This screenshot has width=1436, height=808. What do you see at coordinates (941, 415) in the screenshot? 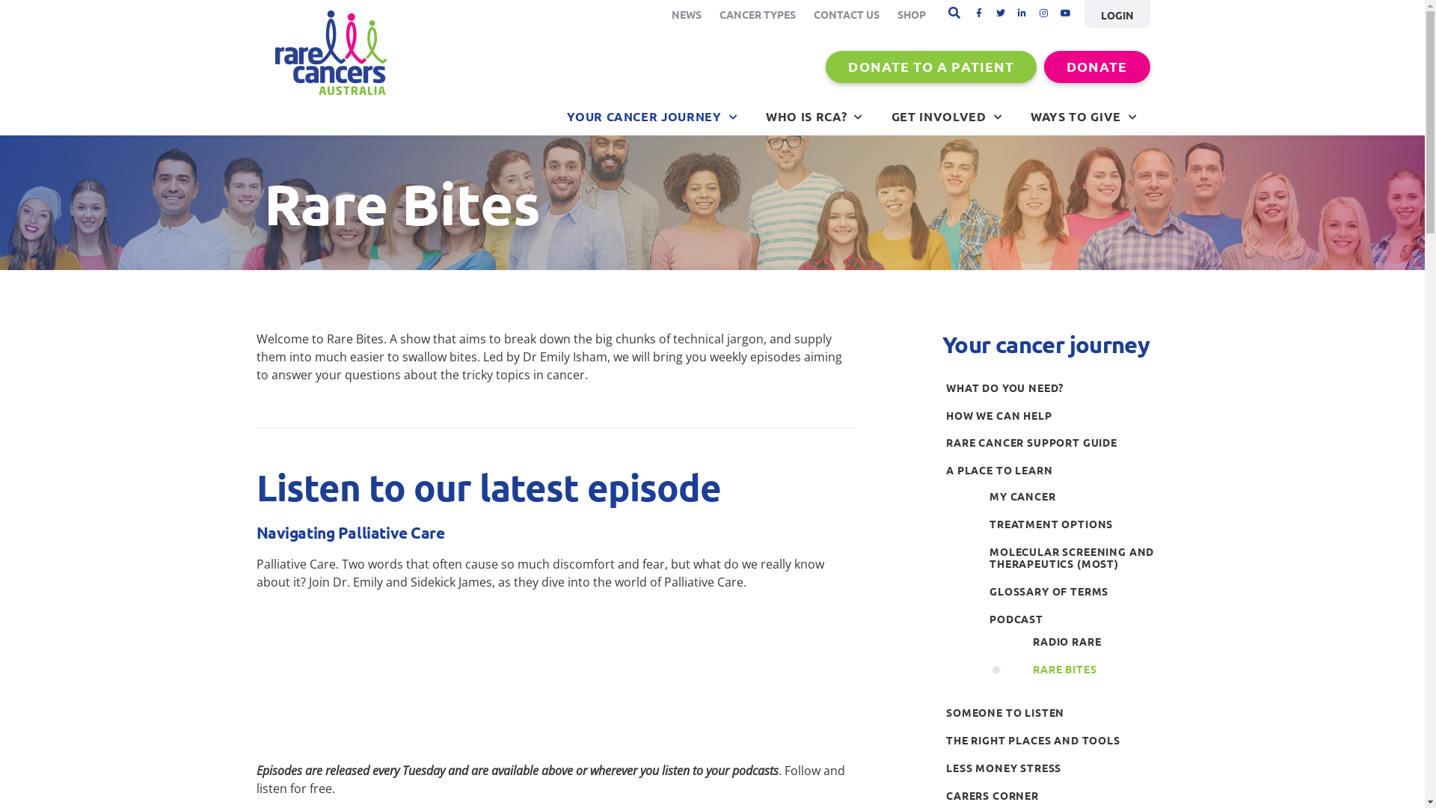
I see `'HOW WE CAN HELP'` at bounding box center [941, 415].